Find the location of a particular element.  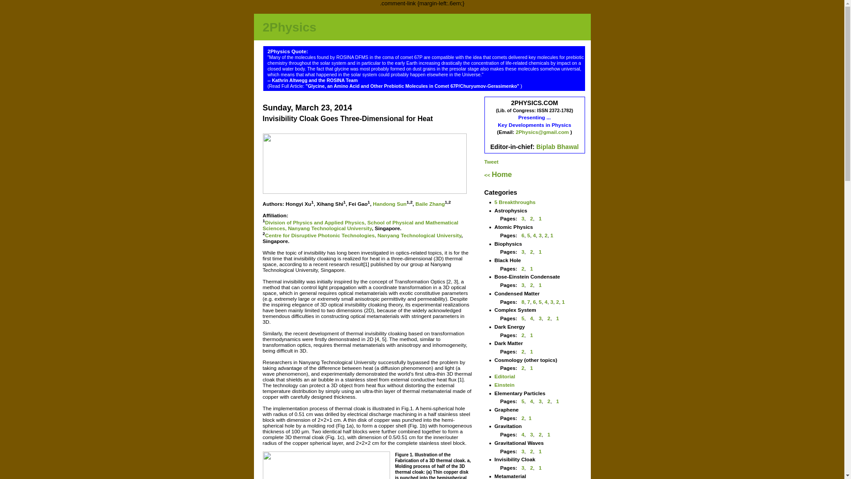

'6' is located at coordinates (523, 235).